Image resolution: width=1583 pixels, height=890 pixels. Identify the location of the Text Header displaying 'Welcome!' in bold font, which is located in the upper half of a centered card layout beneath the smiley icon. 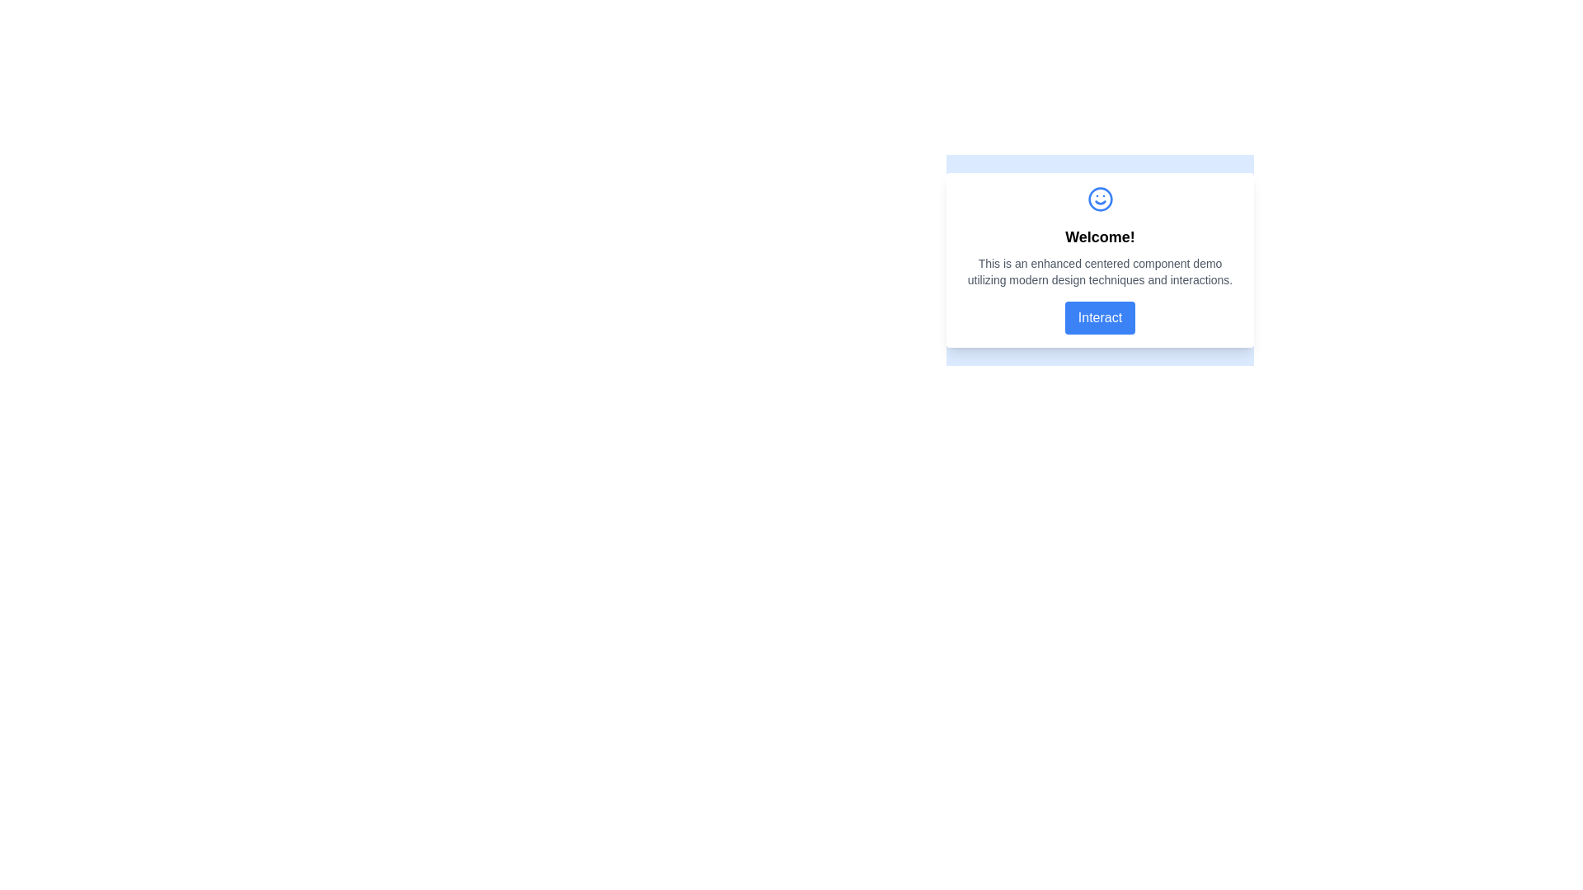
(1100, 237).